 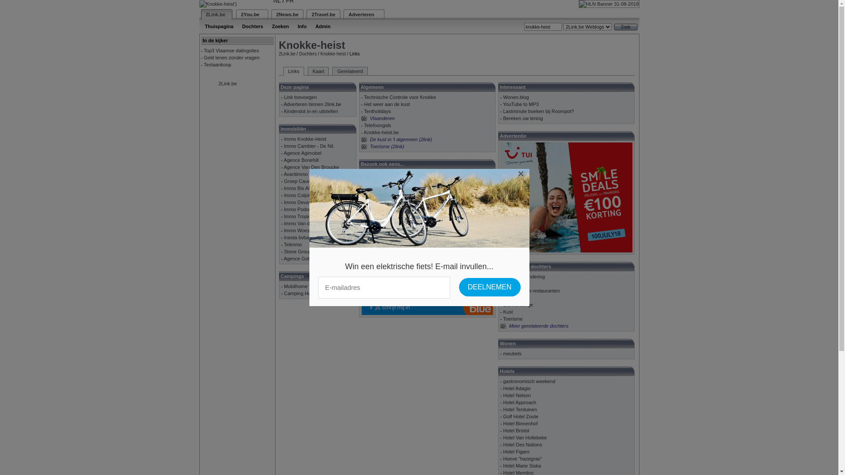 I want to click on 'Camping Holiday', so click(x=283, y=293).